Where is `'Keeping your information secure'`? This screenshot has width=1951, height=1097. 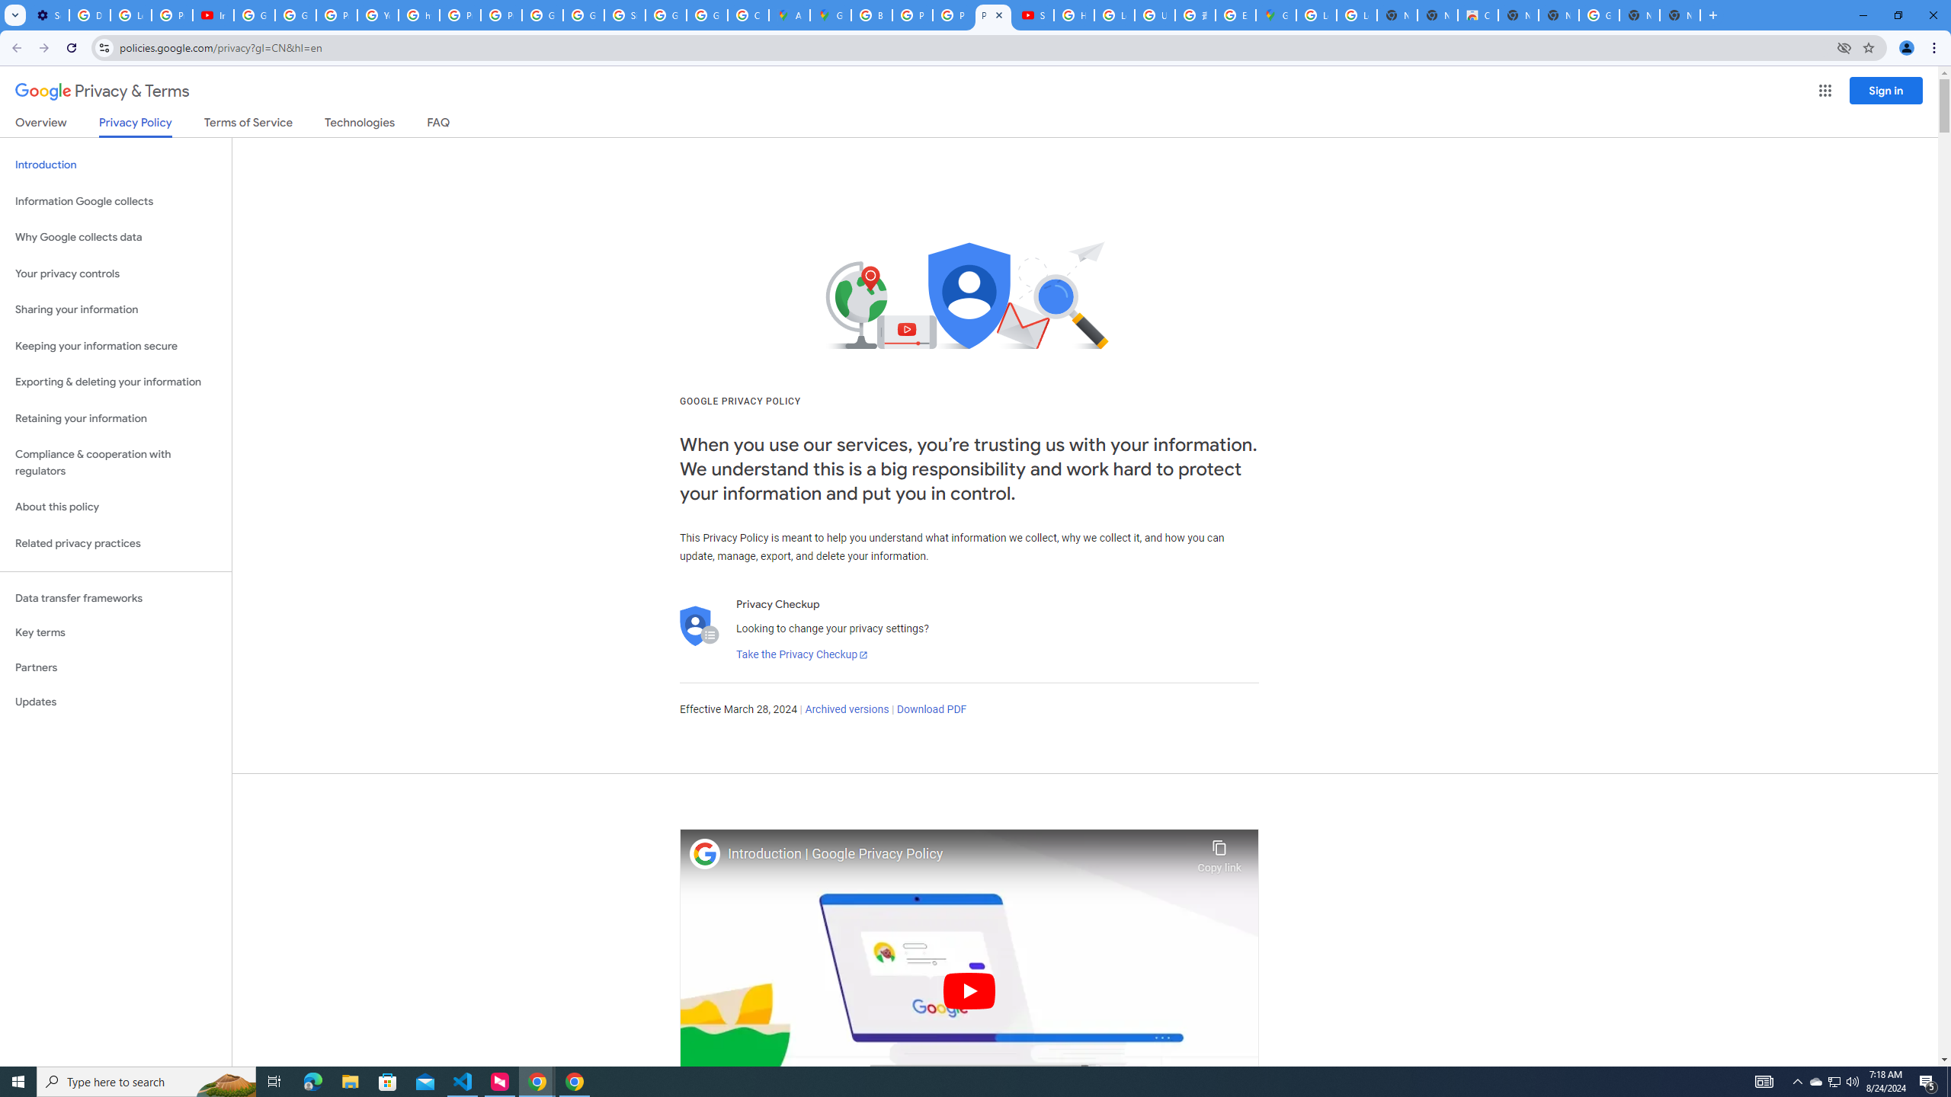 'Keeping your information secure' is located at coordinates (115, 347).